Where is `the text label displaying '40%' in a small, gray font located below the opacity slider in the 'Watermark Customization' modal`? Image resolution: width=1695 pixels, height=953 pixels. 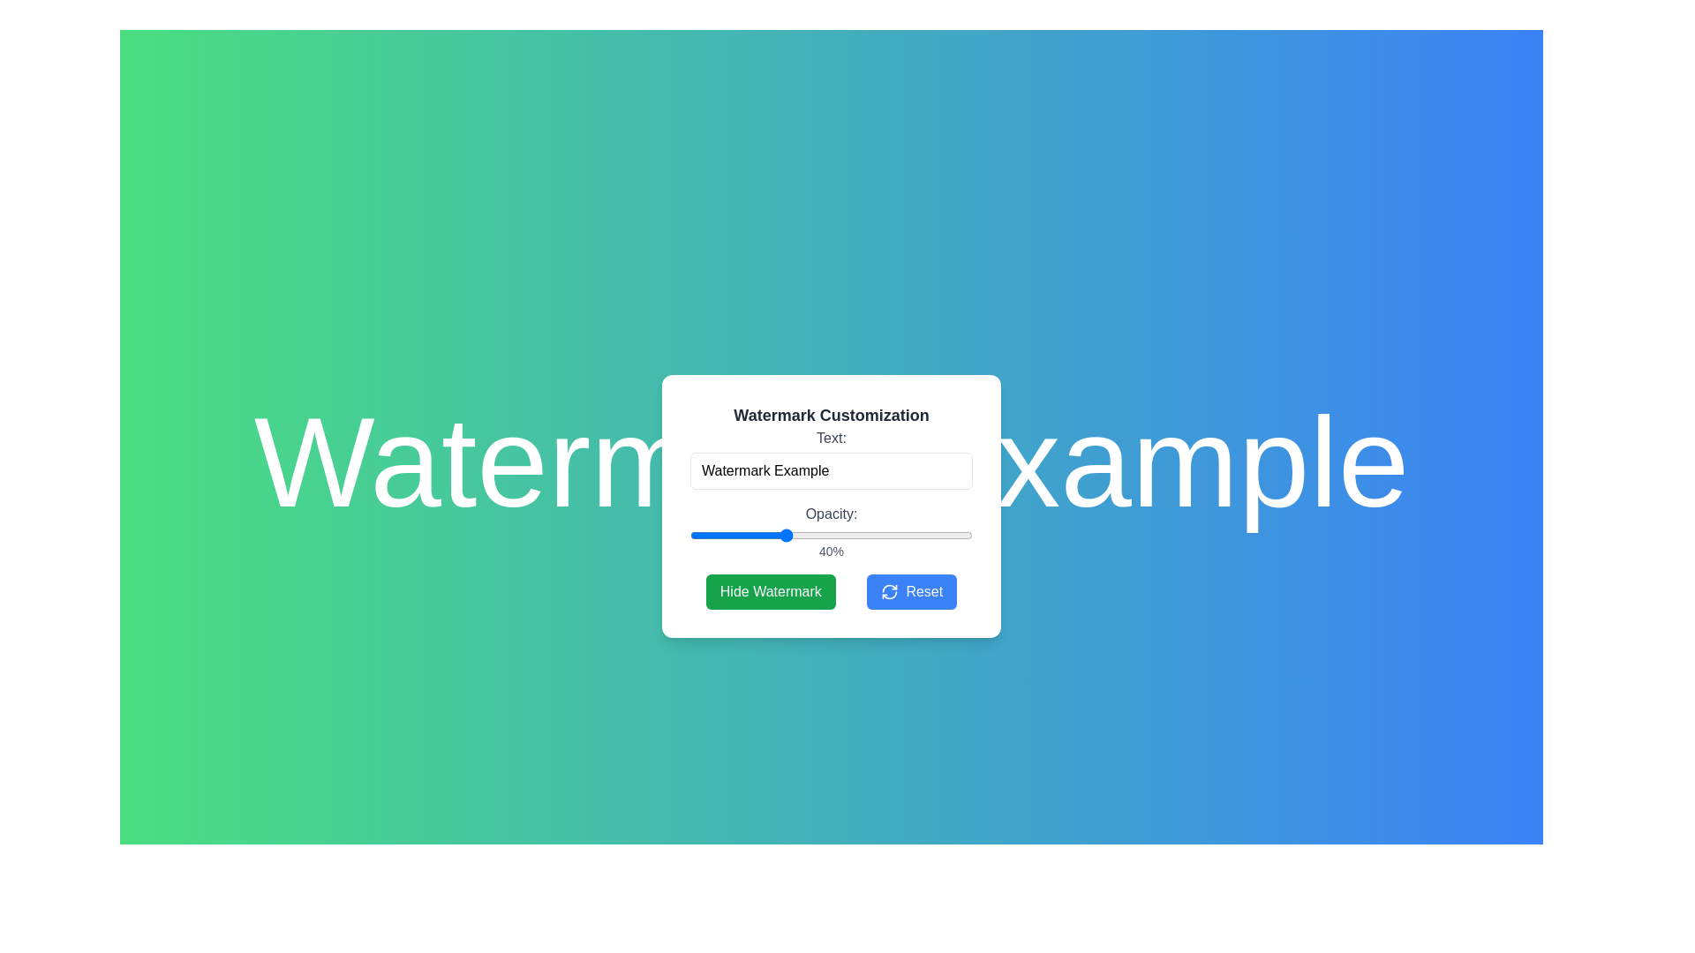 the text label displaying '40%' in a small, gray font located below the opacity slider in the 'Watermark Customization' modal is located at coordinates (830, 550).